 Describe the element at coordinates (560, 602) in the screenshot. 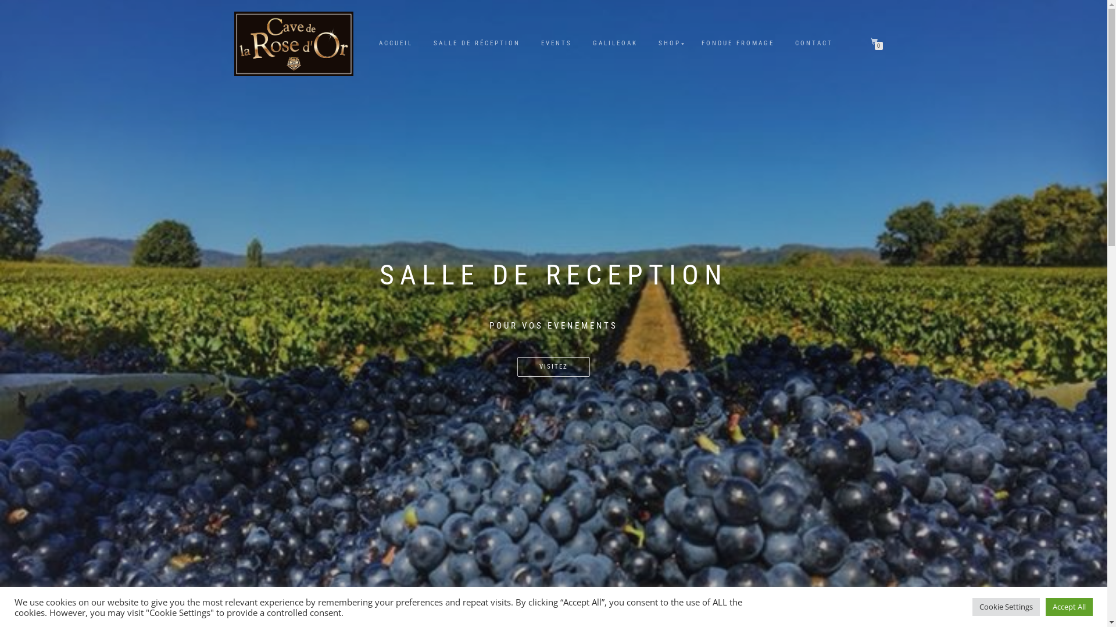

I see `'4'` at that location.